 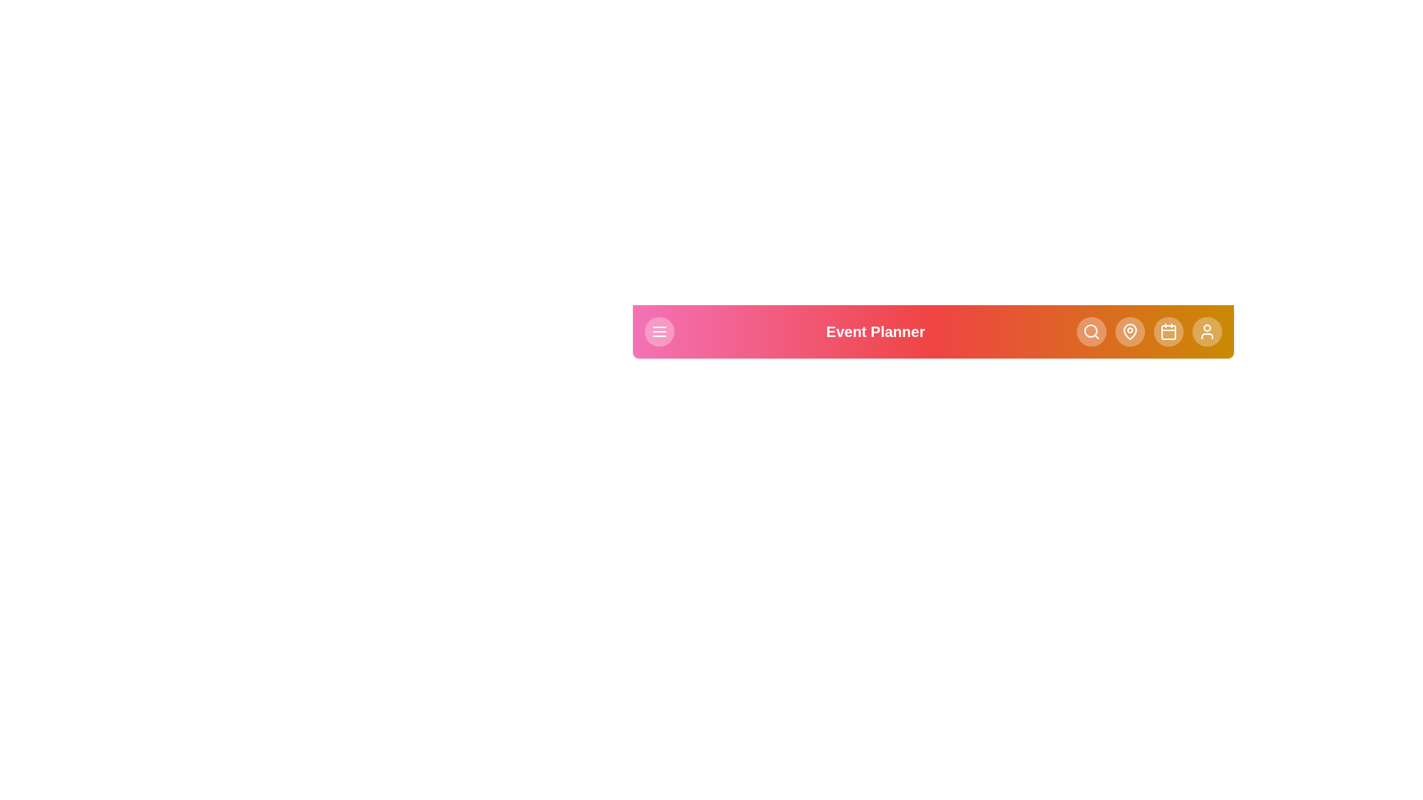 What do you see at coordinates (1130, 330) in the screenshot?
I see `the 'Locations' button in the navigation bar` at bounding box center [1130, 330].